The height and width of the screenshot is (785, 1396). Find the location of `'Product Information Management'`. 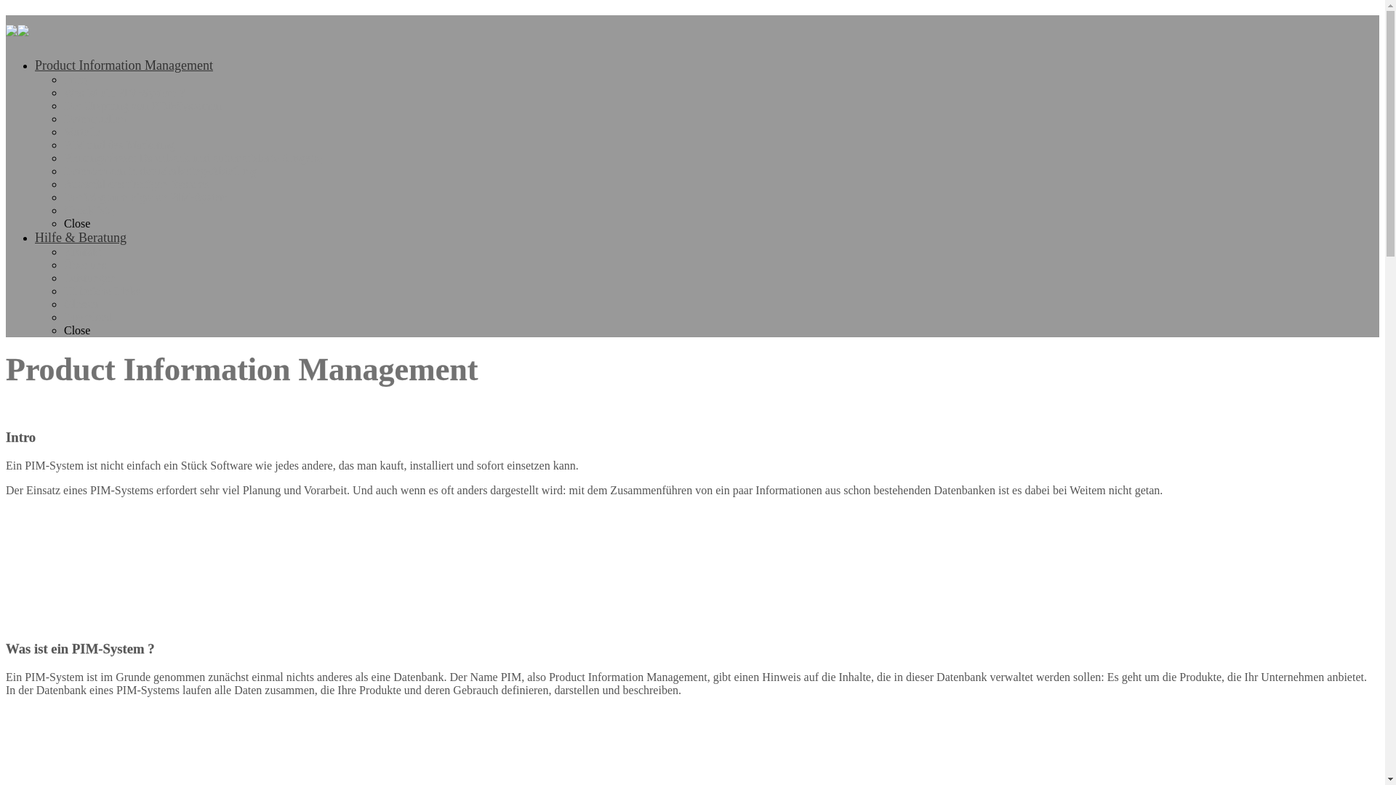

'Product Information Management' is located at coordinates (124, 64).